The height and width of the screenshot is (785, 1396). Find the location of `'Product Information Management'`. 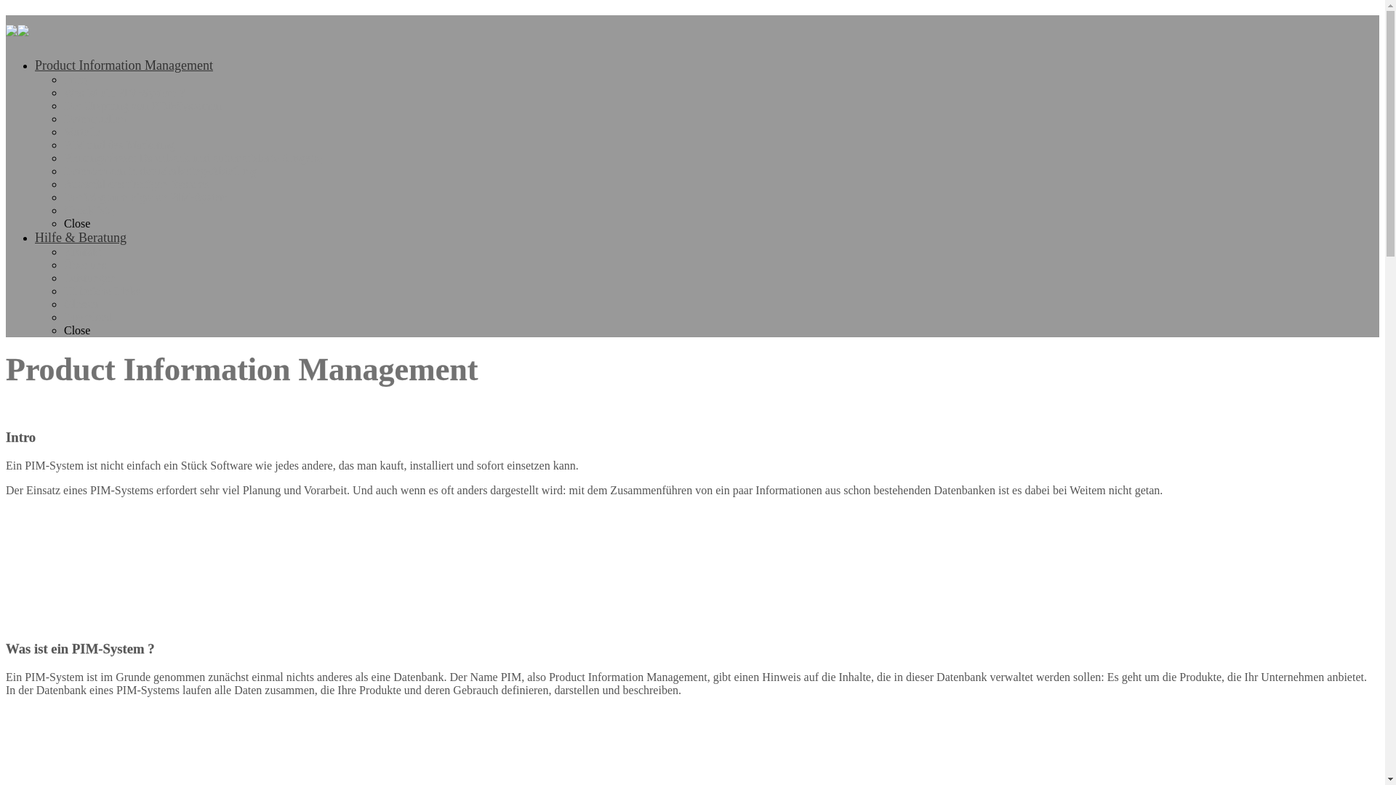

'Product Information Management' is located at coordinates (124, 64).